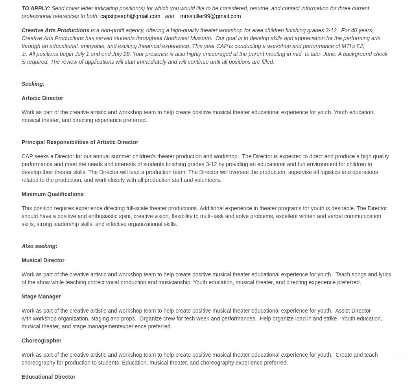 The height and width of the screenshot is (387, 413). What do you see at coordinates (21, 98) in the screenshot?
I see `'Artistic'` at bounding box center [21, 98].